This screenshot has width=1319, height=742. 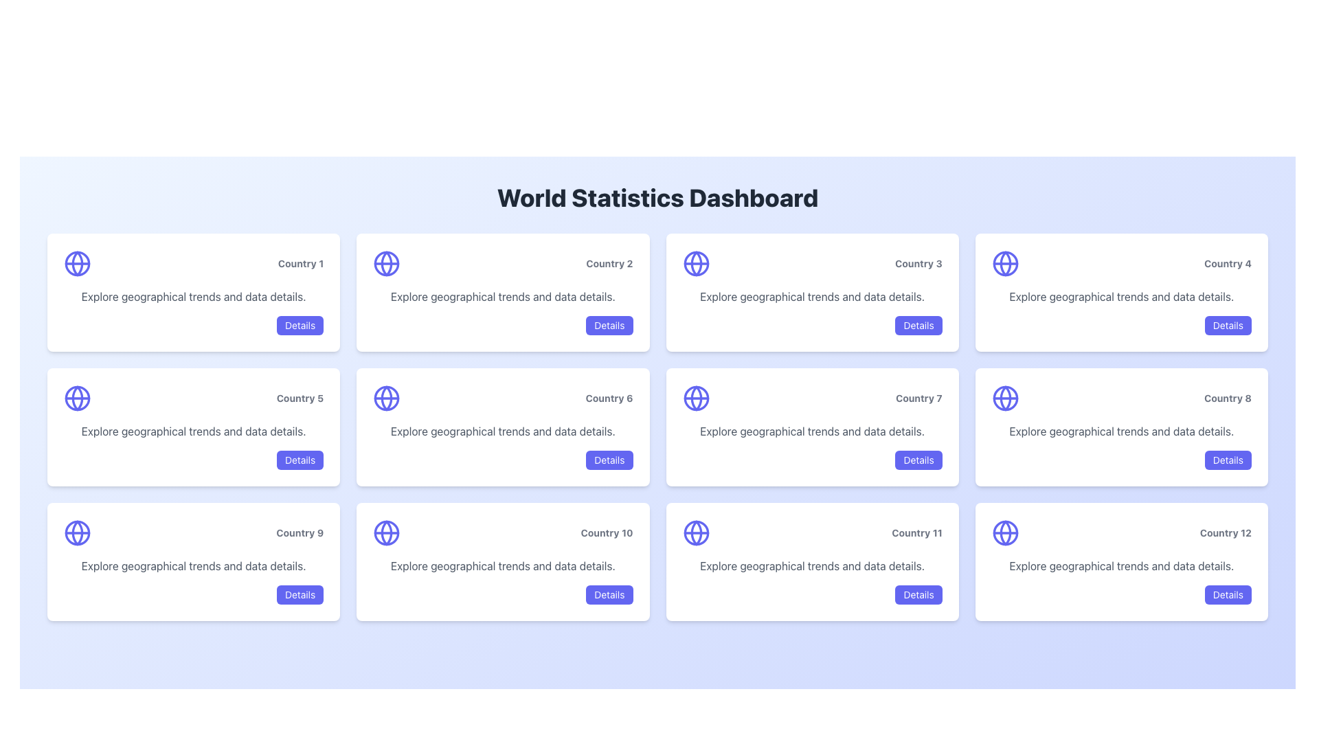 I want to click on the circular part of the globe icon in the 'Country 9' card, which serves as a visual indicator for world-related information, so click(x=77, y=532).